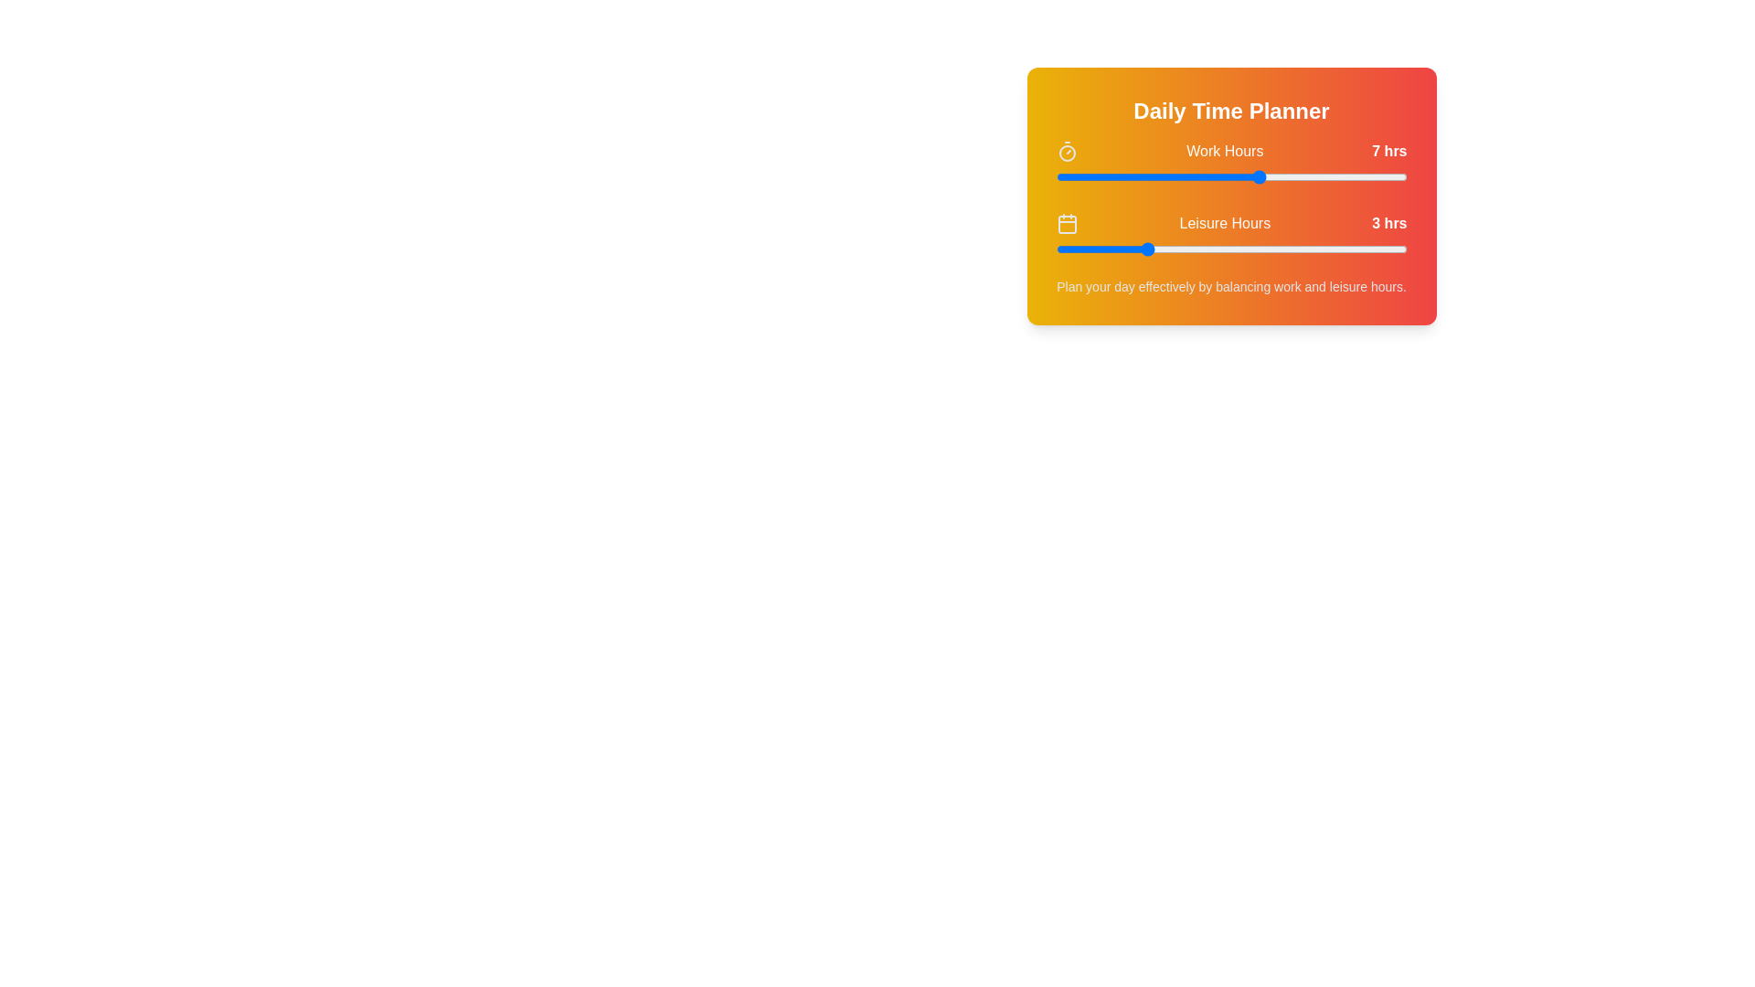  I want to click on work hours, so click(1319, 176).